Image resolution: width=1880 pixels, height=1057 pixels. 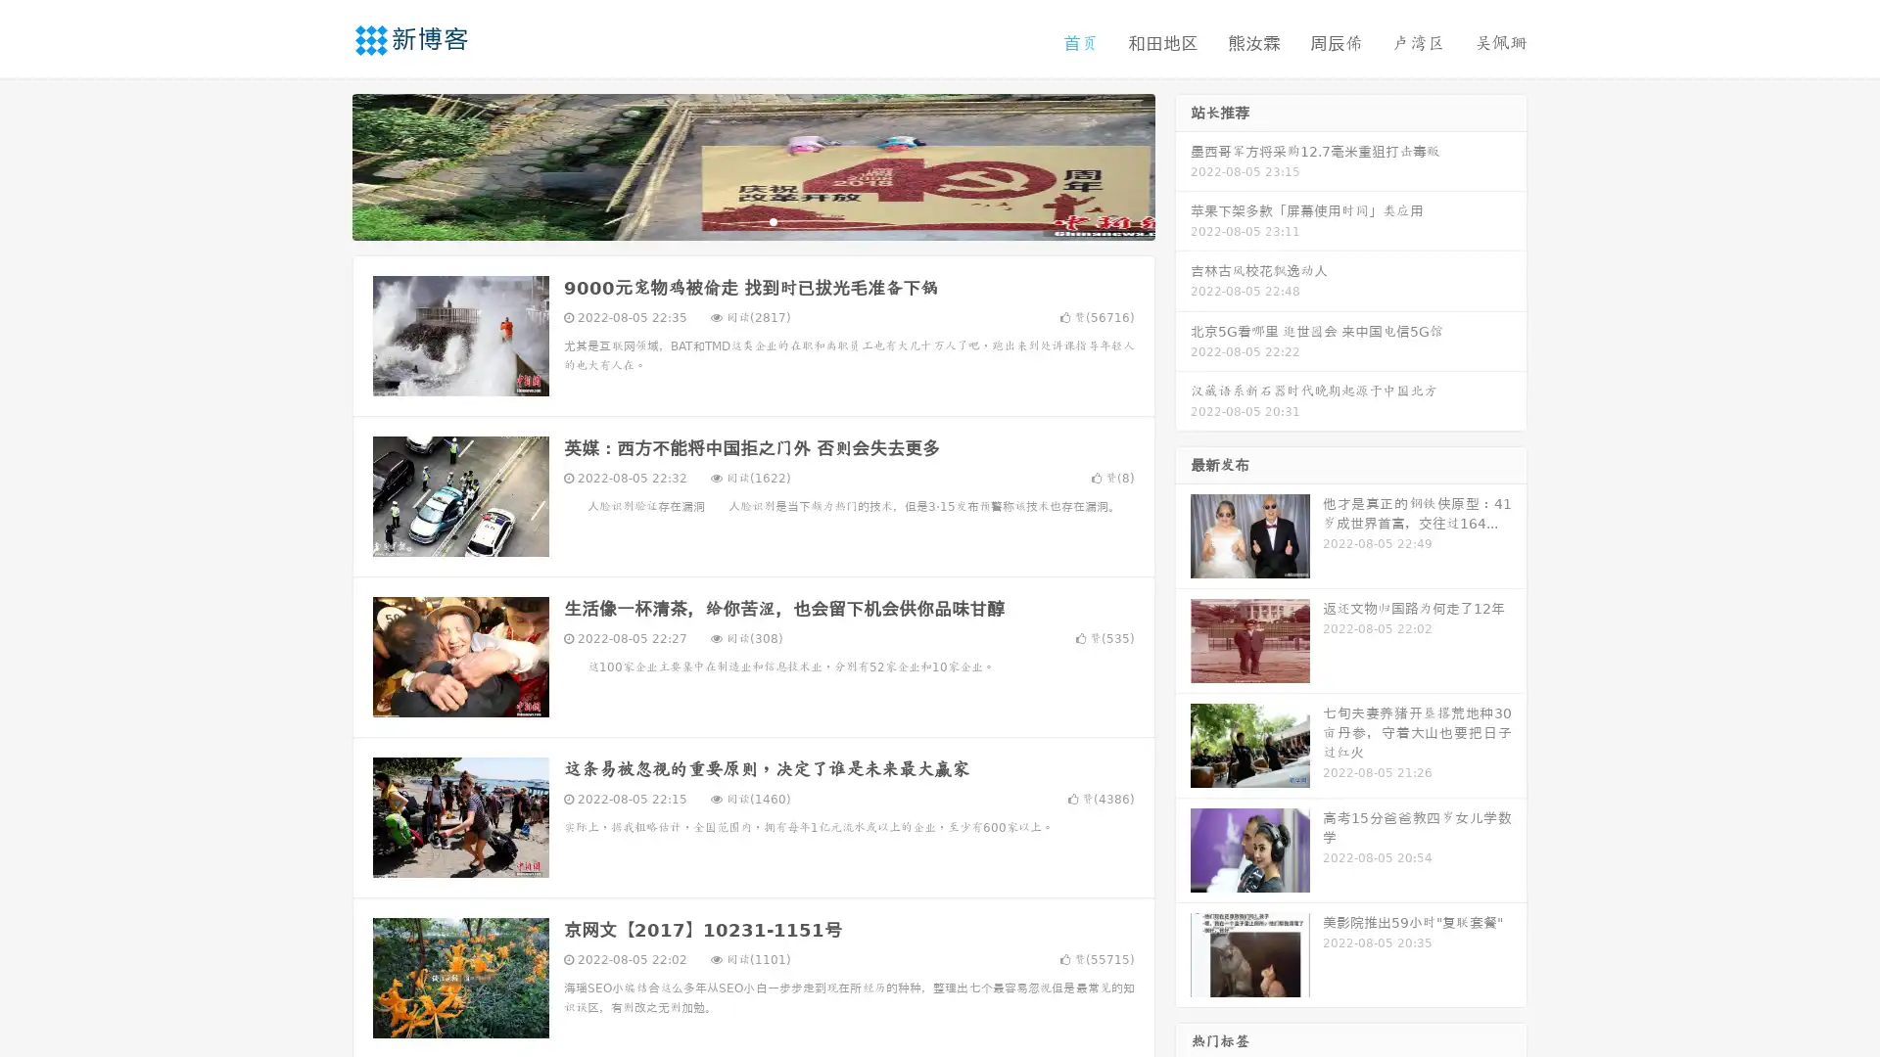 What do you see at coordinates (1183, 164) in the screenshot?
I see `Next slide` at bounding box center [1183, 164].